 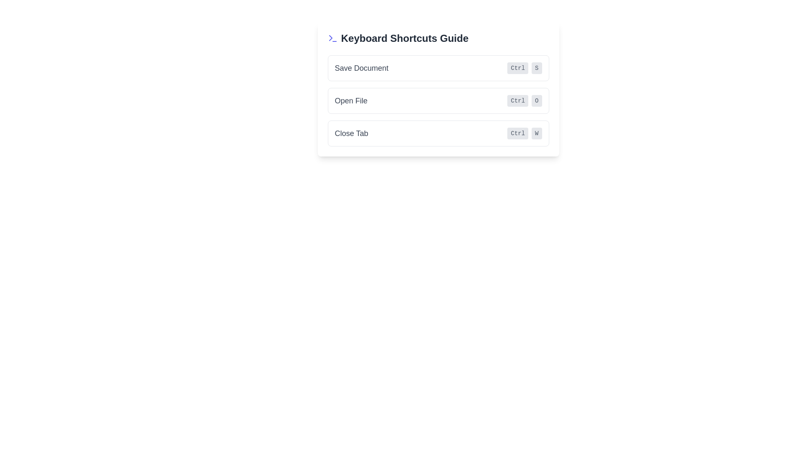 What do you see at coordinates (438, 100) in the screenshot?
I see `the 'Open File' information row that displays the shortcut keys 'Ctrl O' in the Keyboard Shortcuts Guide` at bounding box center [438, 100].